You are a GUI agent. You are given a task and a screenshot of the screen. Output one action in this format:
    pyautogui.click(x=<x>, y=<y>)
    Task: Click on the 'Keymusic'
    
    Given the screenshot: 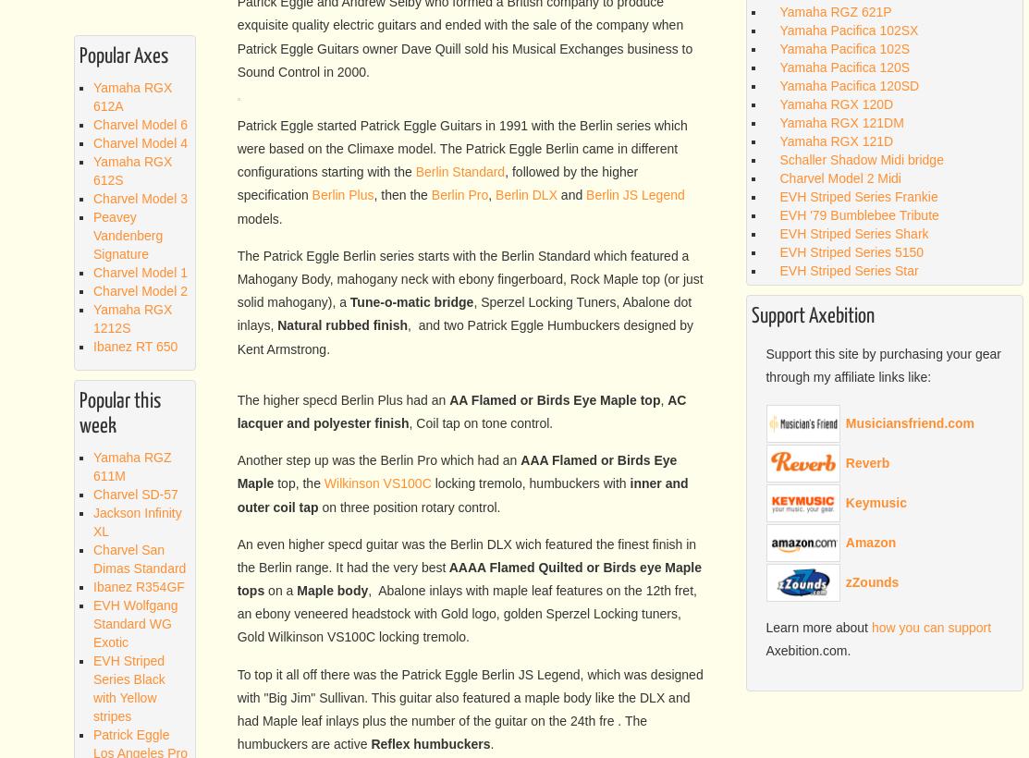 What is the action you would take?
    pyautogui.click(x=875, y=501)
    